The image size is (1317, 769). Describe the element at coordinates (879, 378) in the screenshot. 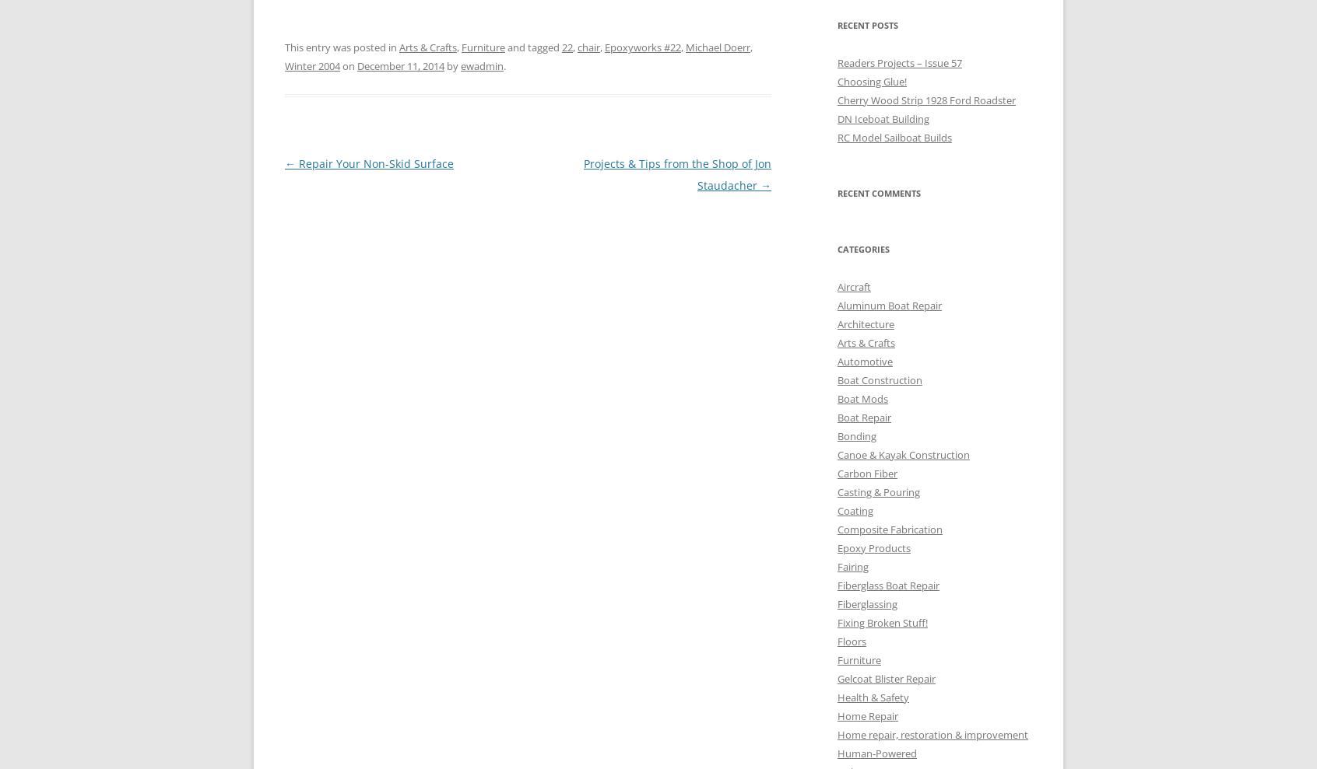

I see `'Boat Construction'` at that location.